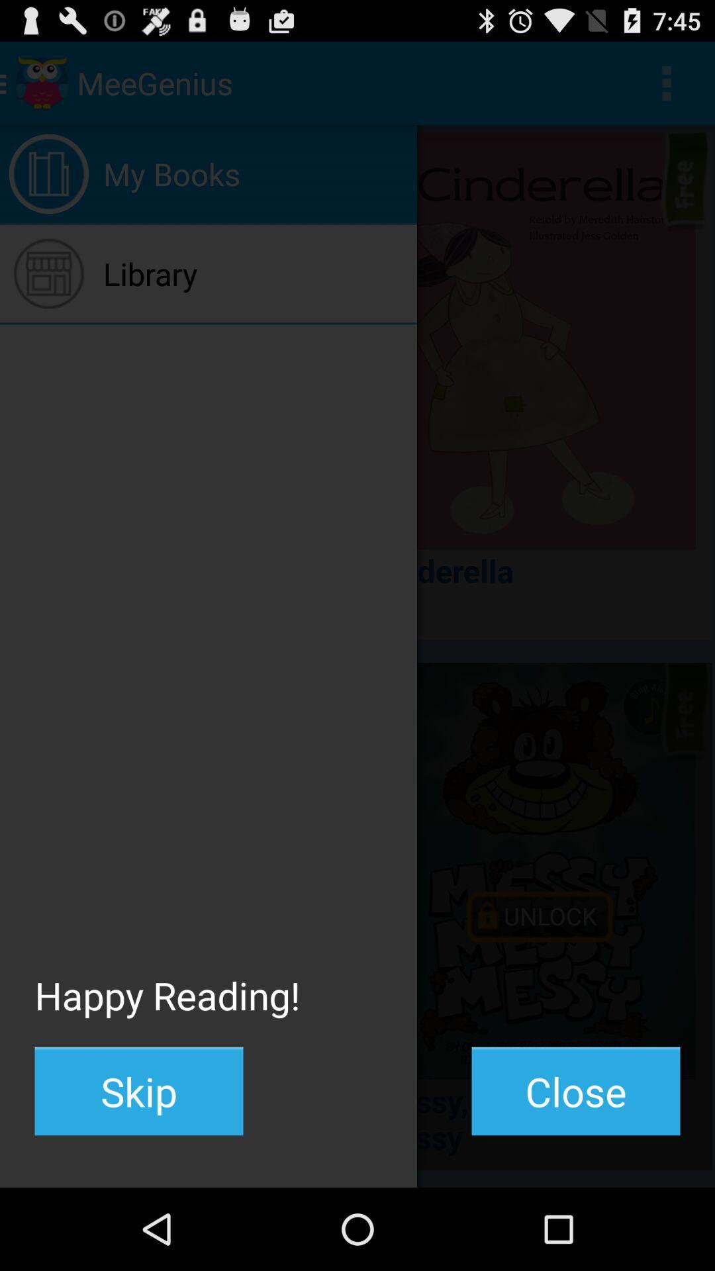 The height and width of the screenshot is (1271, 715). What do you see at coordinates (138, 1091) in the screenshot?
I see `the item next to the close item` at bounding box center [138, 1091].